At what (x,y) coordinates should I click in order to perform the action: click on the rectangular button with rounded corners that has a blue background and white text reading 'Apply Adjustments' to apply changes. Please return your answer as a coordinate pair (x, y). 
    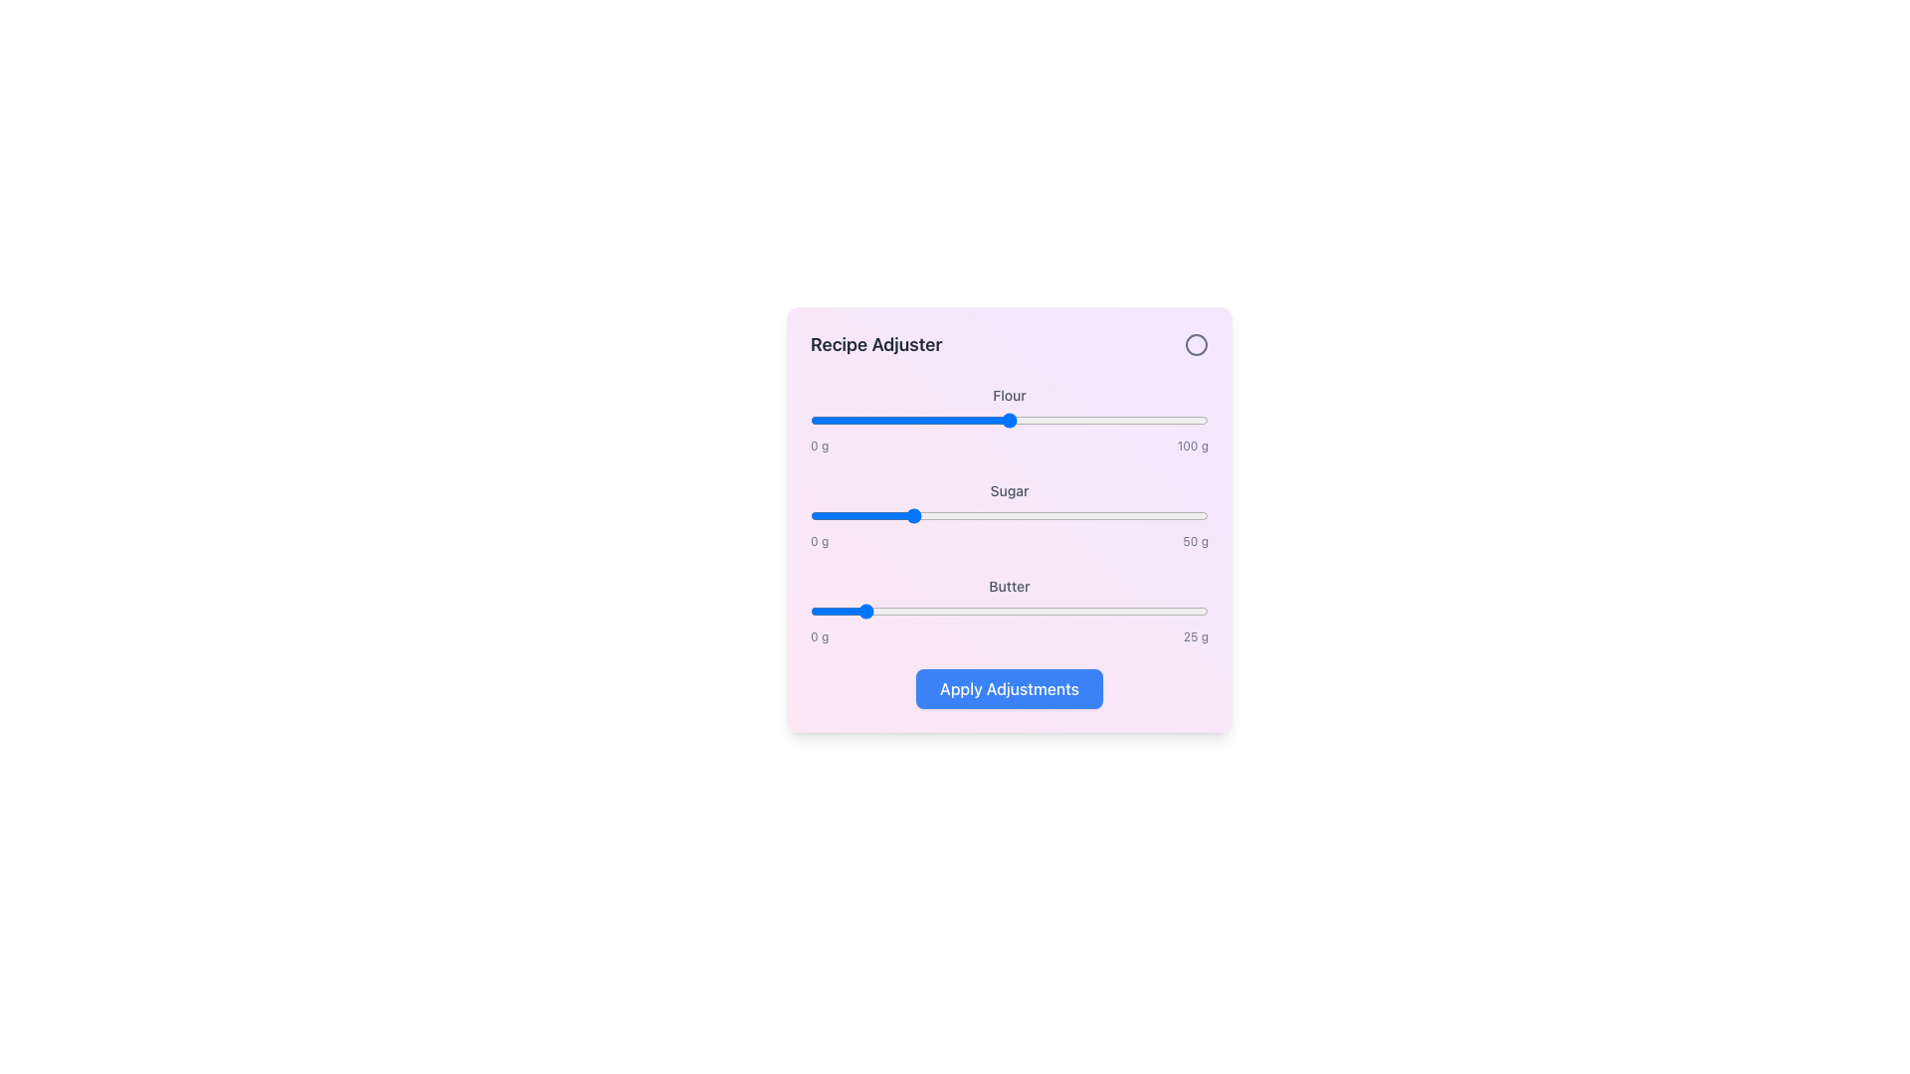
    Looking at the image, I should click on (1009, 688).